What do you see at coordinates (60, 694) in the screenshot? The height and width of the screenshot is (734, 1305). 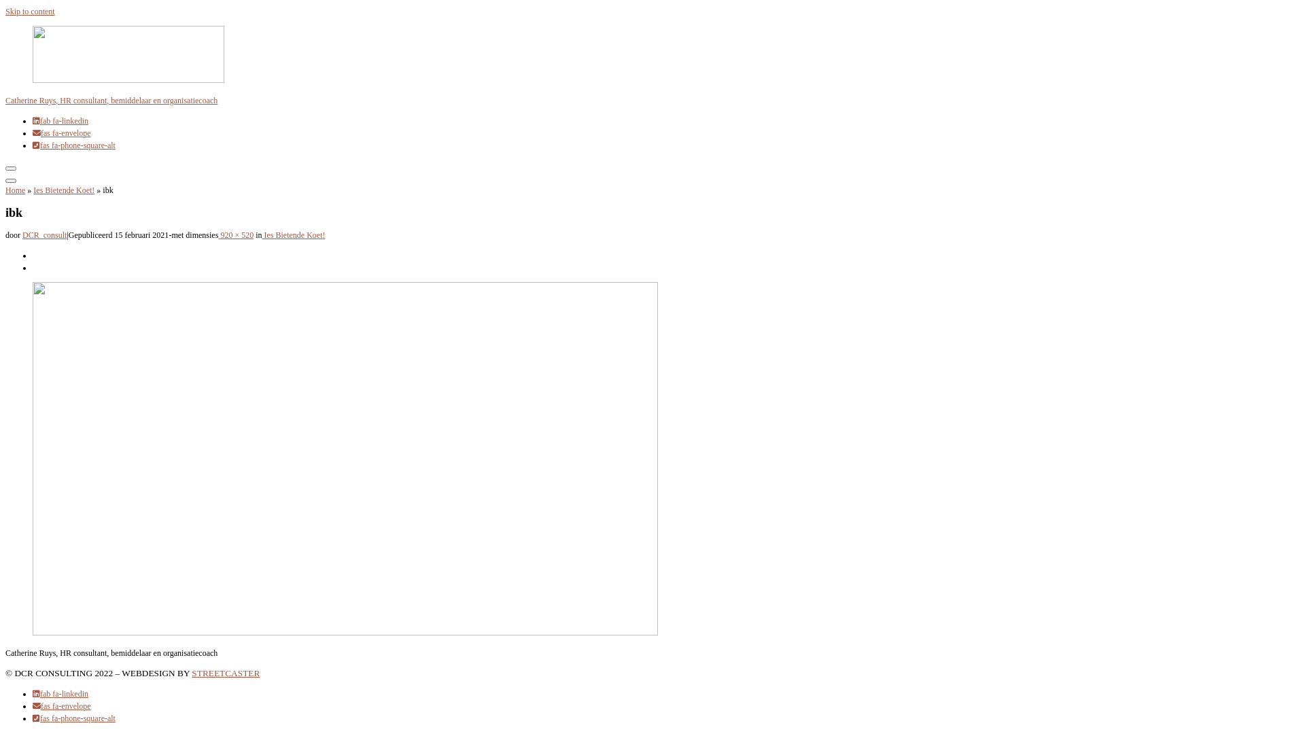 I see `'fab fa-linkedin'` at bounding box center [60, 694].